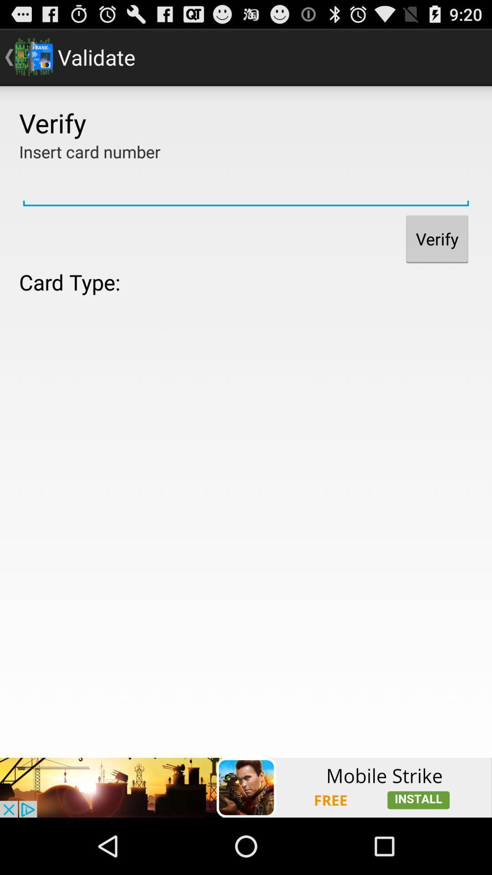 The width and height of the screenshot is (492, 875). Describe the element at coordinates (246, 787) in the screenshot. I see `show advertisement` at that location.